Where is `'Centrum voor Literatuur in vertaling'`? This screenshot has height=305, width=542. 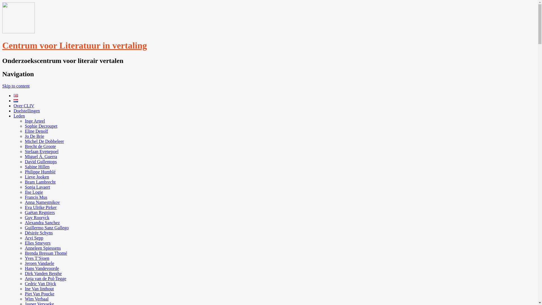
'Centrum voor Literatuur in vertaling' is located at coordinates (74, 45).